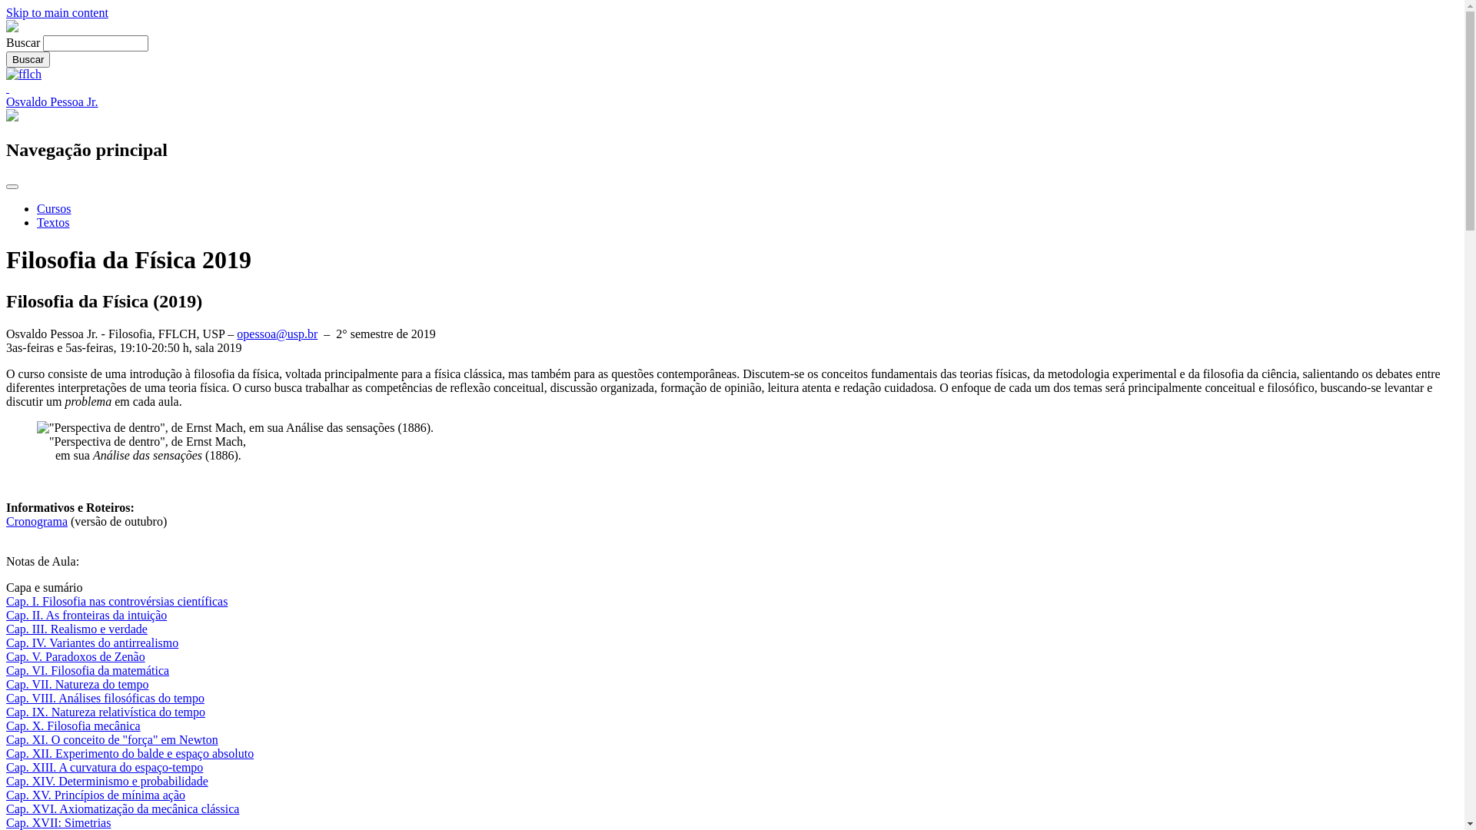 The image size is (1476, 830). What do you see at coordinates (58, 822) in the screenshot?
I see `'Cap. XVII: Simetrias'` at bounding box center [58, 822].